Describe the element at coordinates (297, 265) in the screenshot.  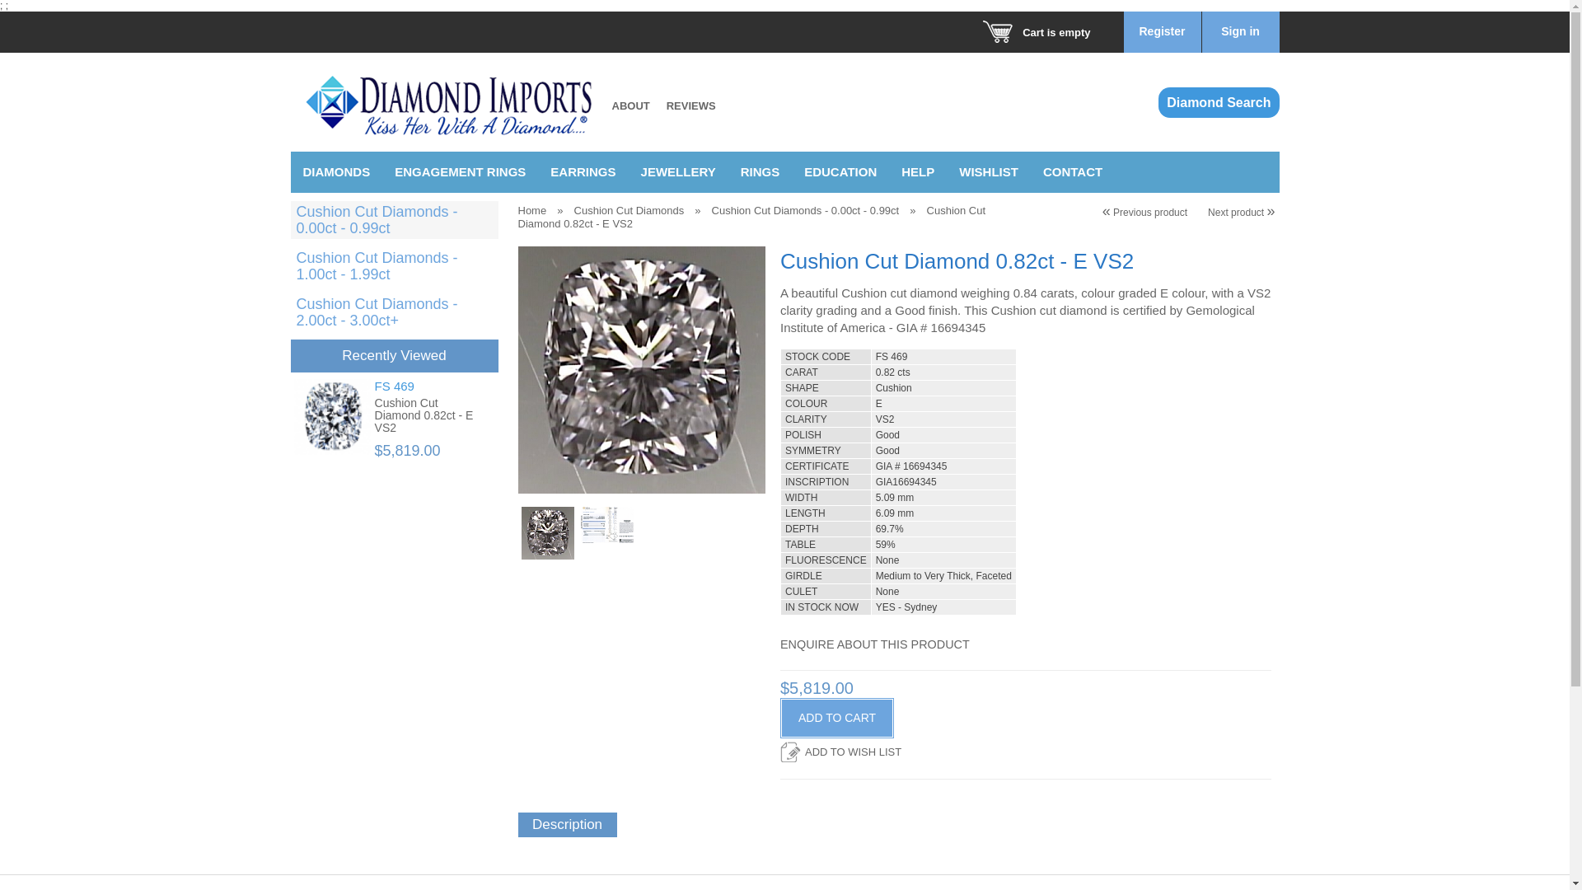
I see `'Cushion Cut Diamonds - 1.00ct - 1.99ct'` at that location.